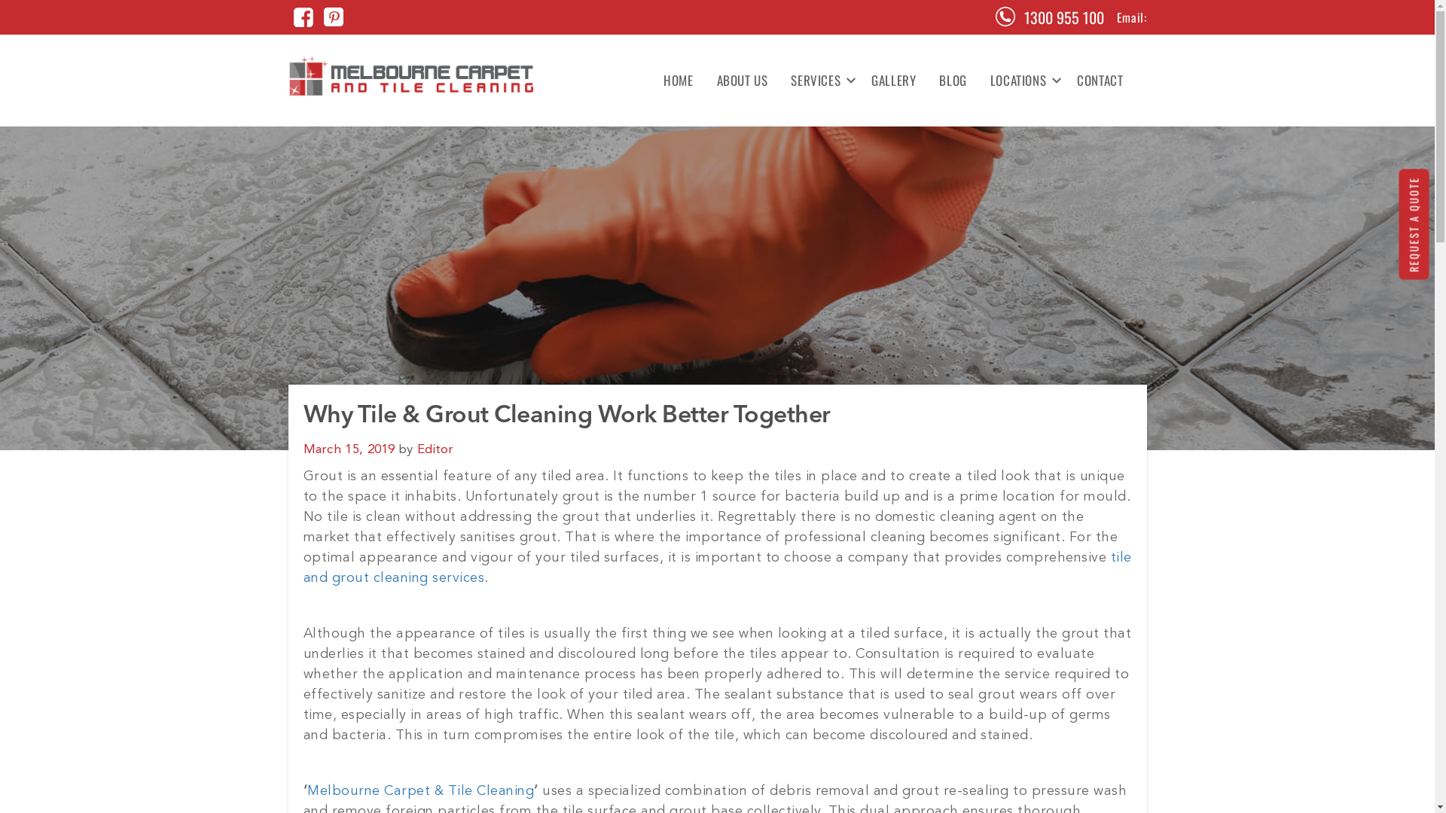  I want to click on 'BLOG', so click(952, 81).